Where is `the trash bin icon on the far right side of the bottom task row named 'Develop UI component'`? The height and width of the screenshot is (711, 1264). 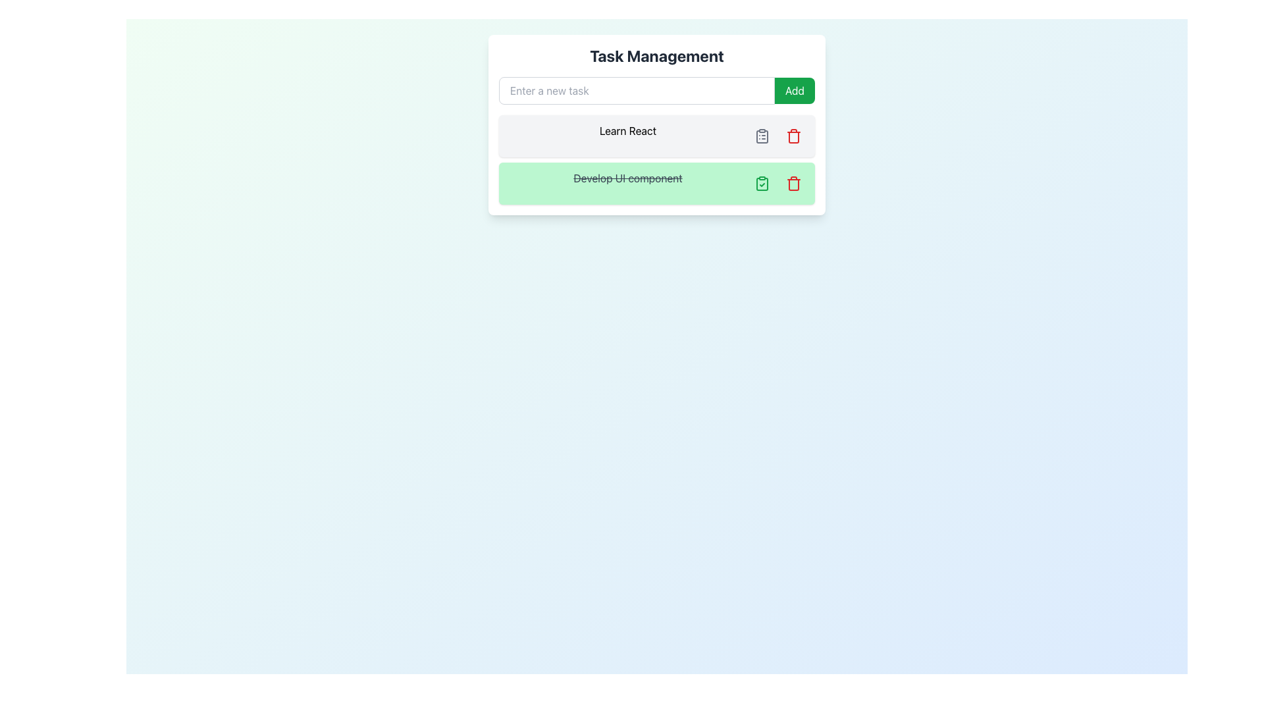 the trash bin icon on the far right side of the bottom task row named 'Develop UI component' is located at coordinates (793, 185).